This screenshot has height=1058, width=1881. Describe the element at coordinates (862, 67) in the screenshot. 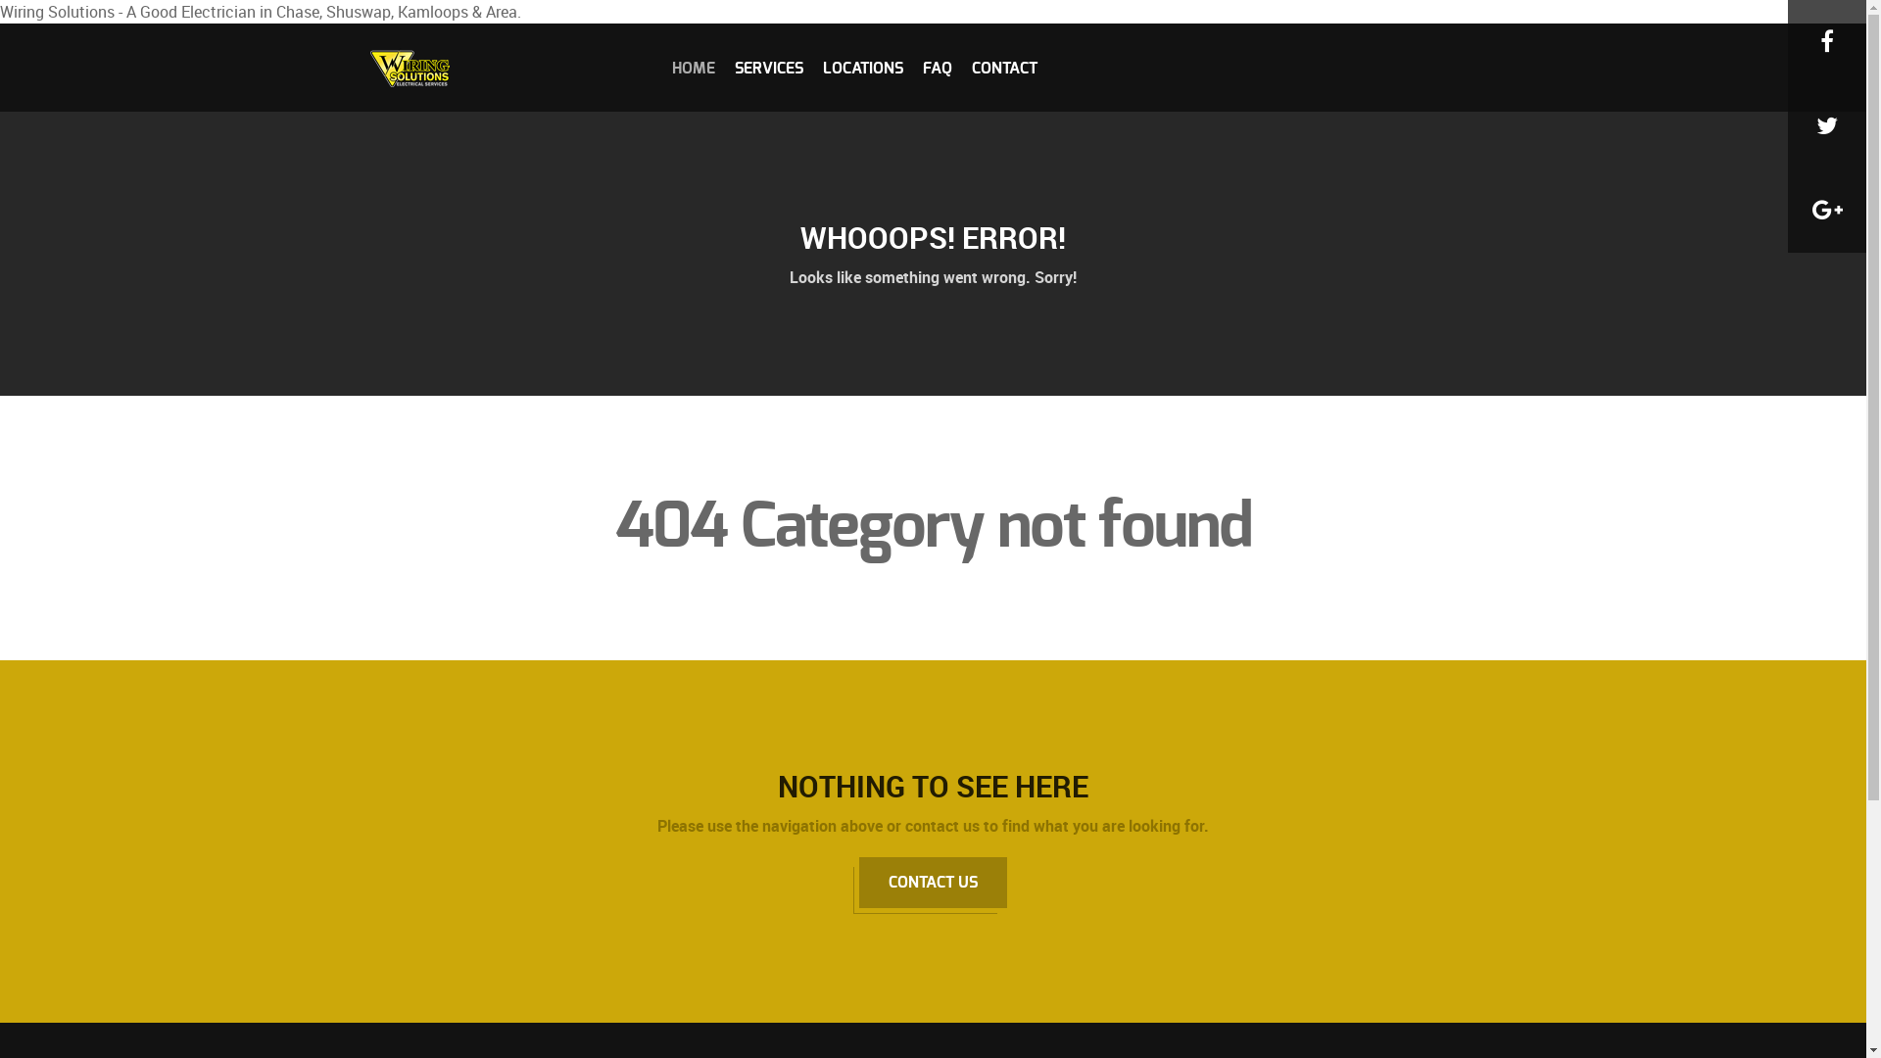

I see `'LOCATIONS'` at that location.